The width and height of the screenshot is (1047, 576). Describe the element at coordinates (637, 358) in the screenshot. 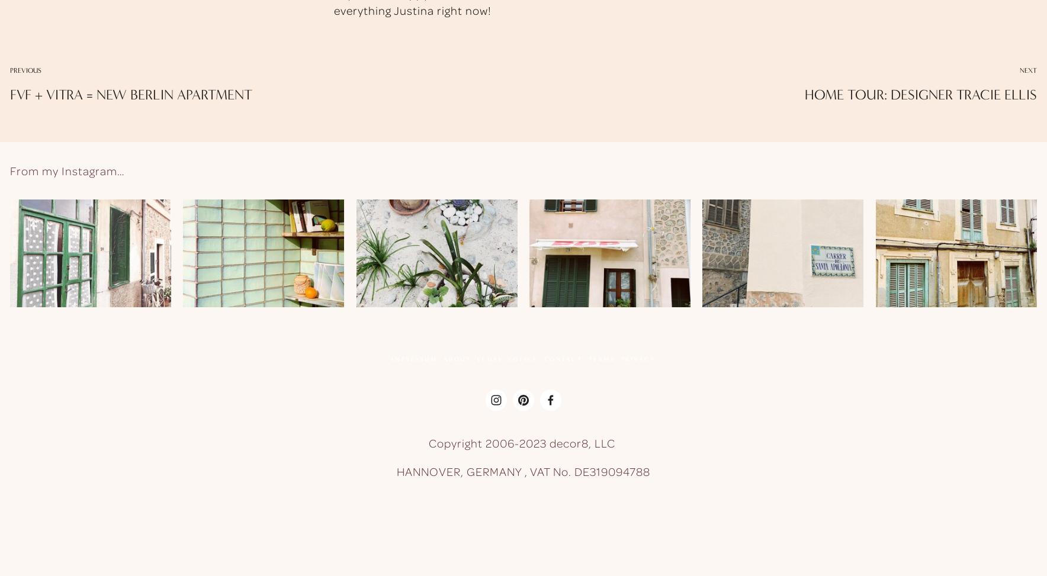

I see `'Privacy'` at that location.